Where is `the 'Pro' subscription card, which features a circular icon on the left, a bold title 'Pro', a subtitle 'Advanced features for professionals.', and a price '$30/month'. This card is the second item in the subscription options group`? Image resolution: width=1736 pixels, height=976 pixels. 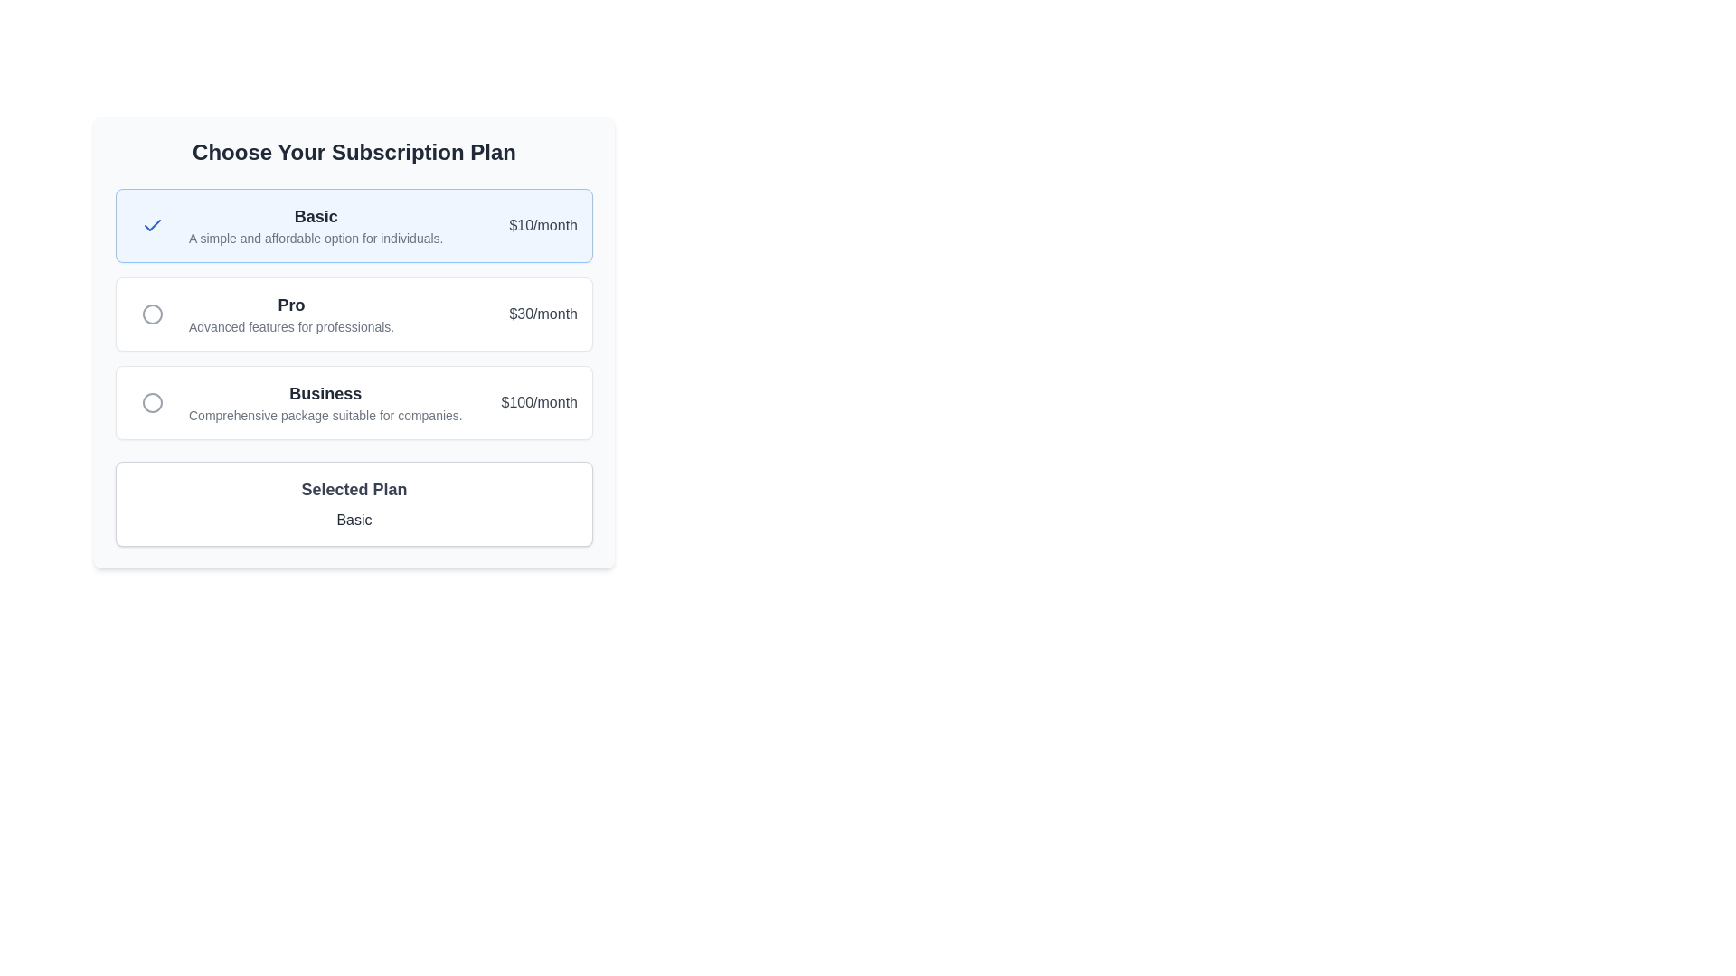 the 'Pro' subscription card, which features a circular icon on the left, a bold title 'Pro', a subtitle 'Advanced features for professionals.', and a price '$30/month'. This card is the second item in the subscription options group is located at coordinates (354, 313).